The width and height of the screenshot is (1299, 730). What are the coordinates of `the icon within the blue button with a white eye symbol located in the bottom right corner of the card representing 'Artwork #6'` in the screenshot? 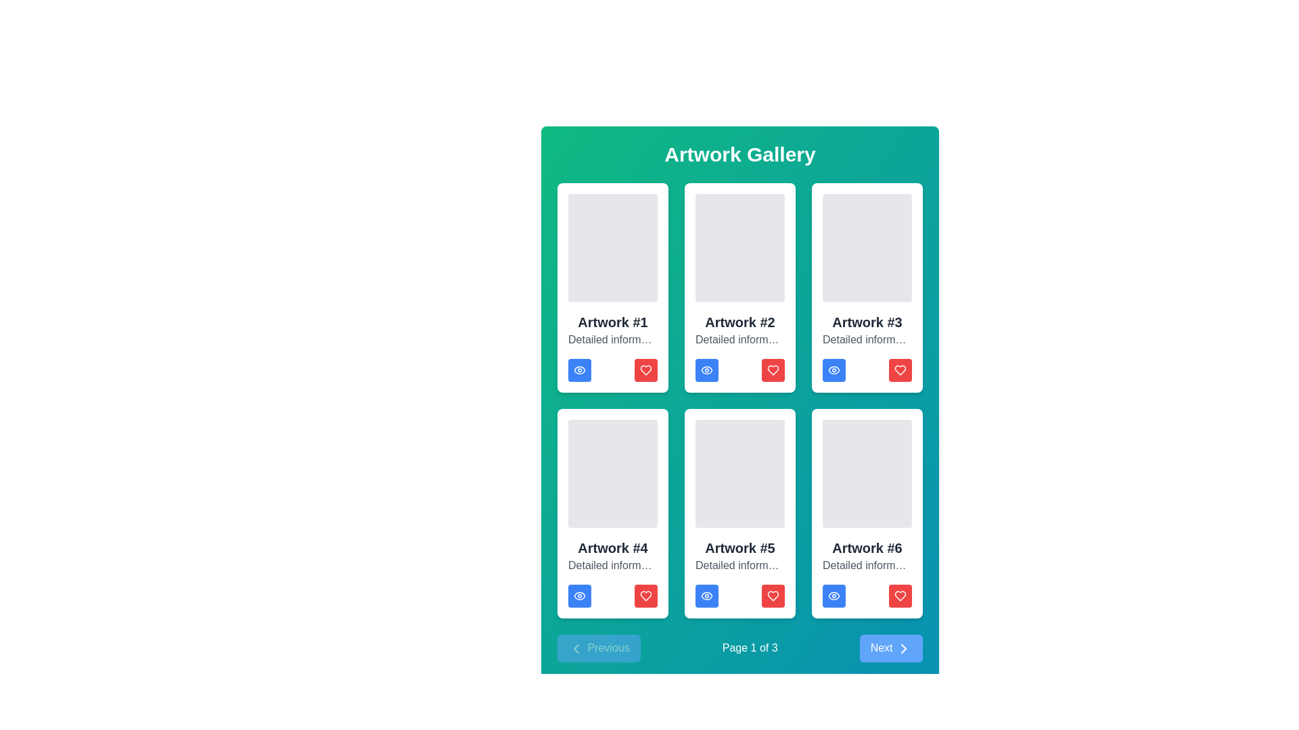 It's located at (834, 595).